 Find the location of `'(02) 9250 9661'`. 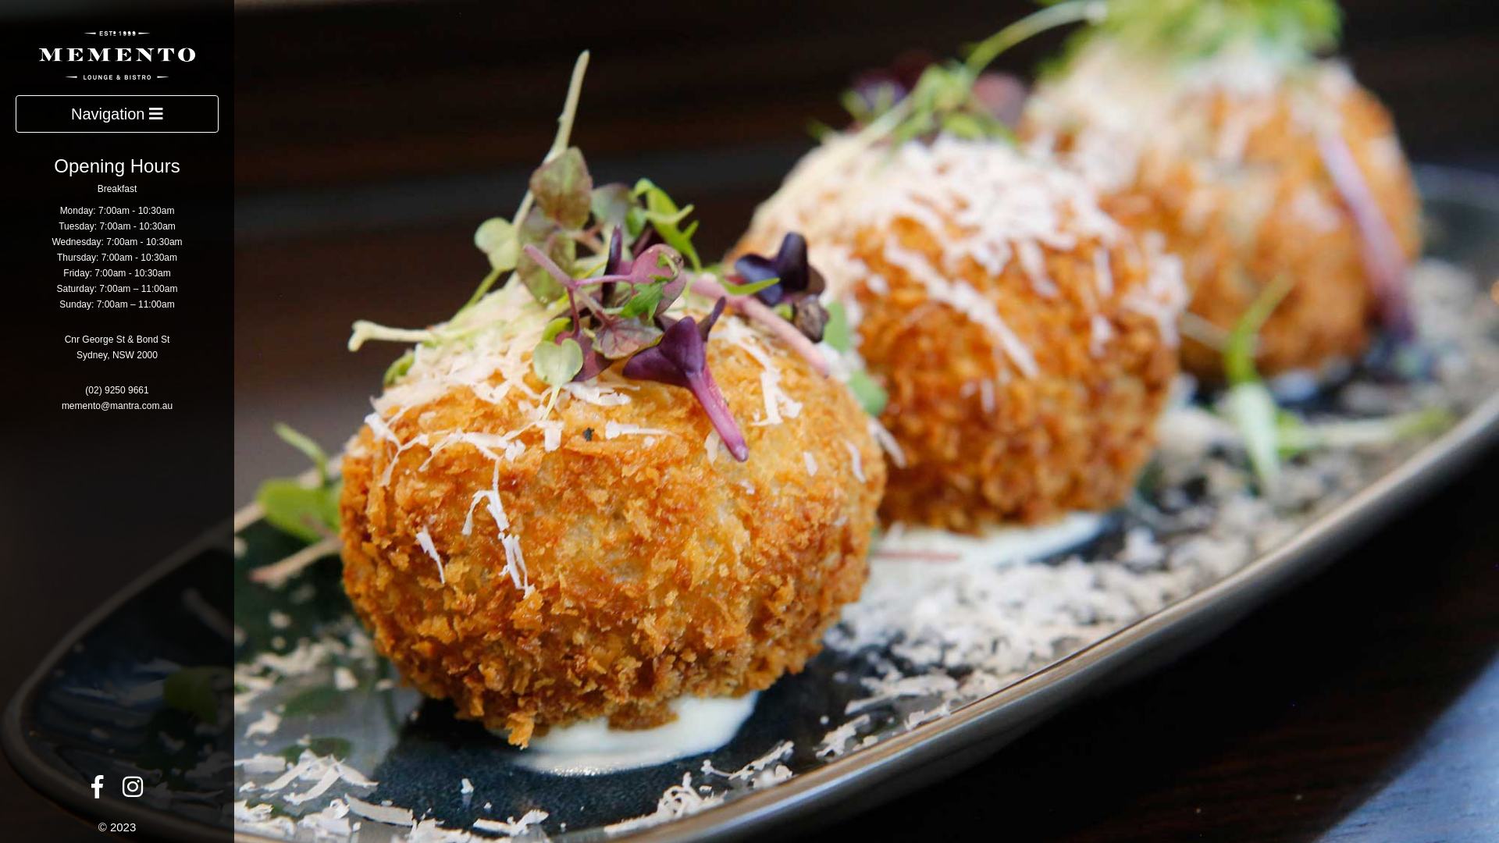

'(02) 9250 9661' is located at coordinates (116, 389).